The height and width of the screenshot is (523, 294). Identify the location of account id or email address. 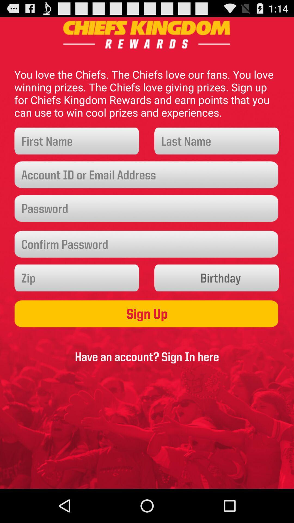
(147, 175).